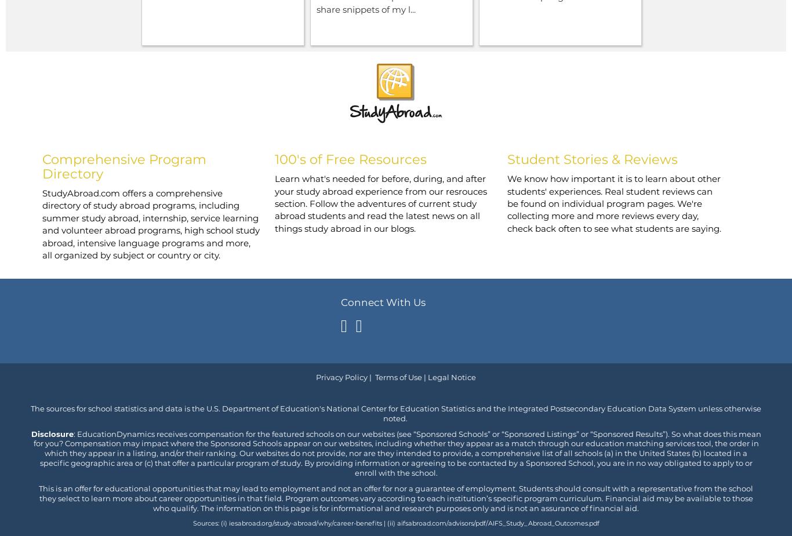 This screenshot has width=792, height=536. I want to click on 'Disclosure', so click(52, 433).